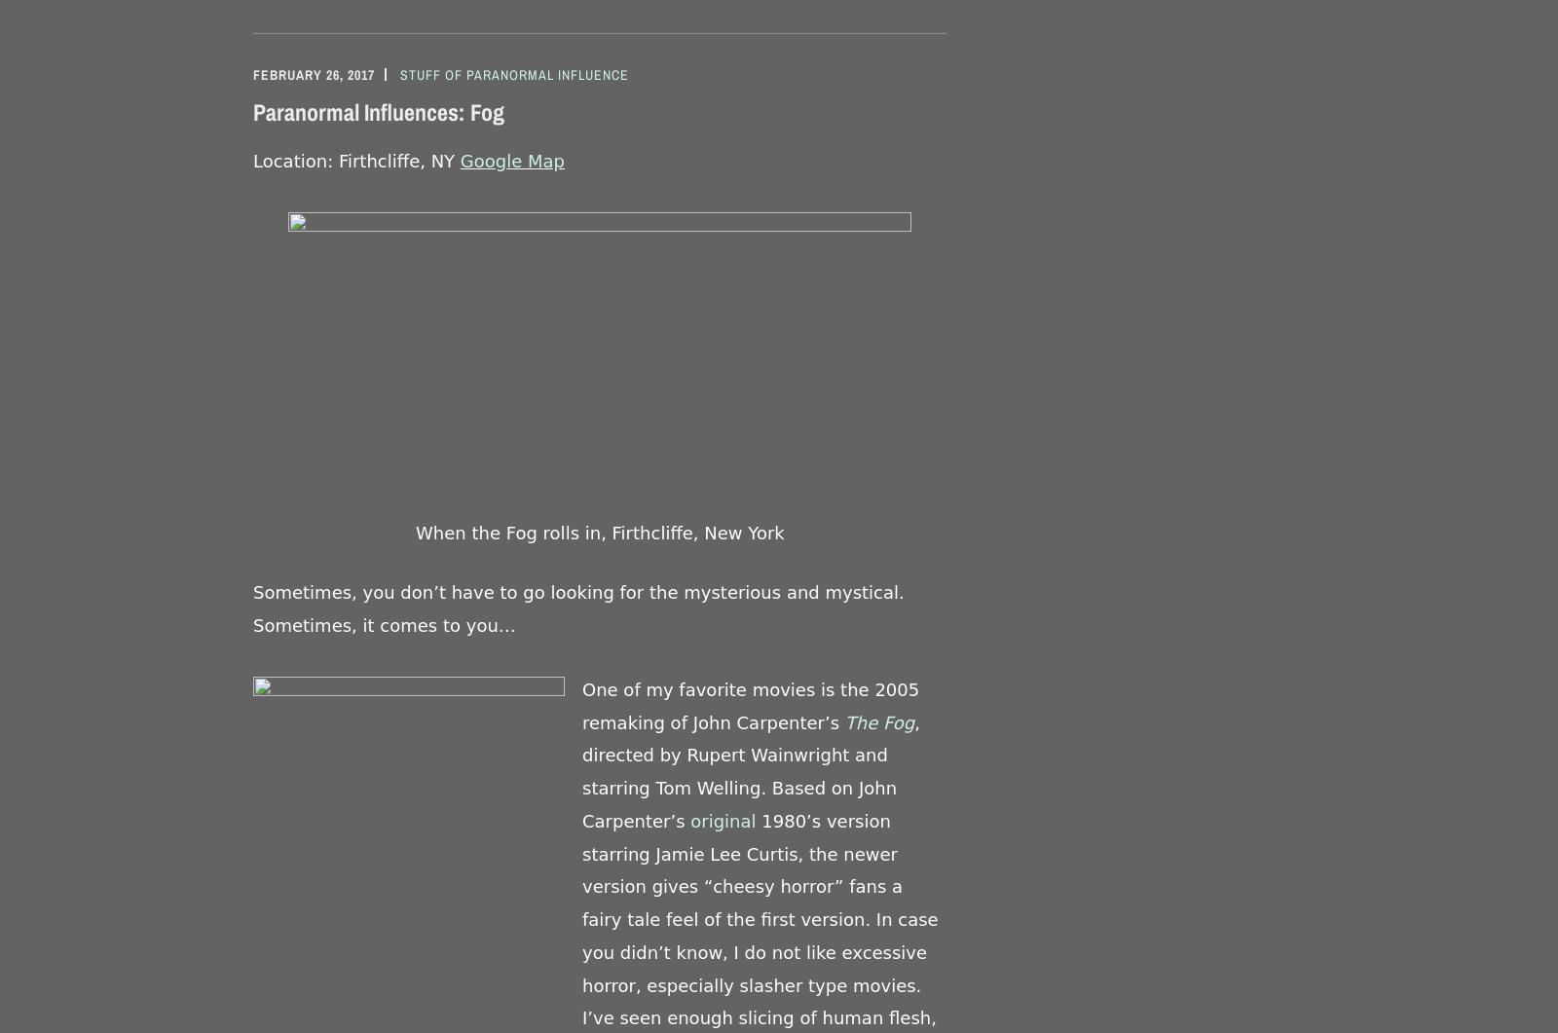 This screenshot has height=1033, width=1558. Describe the element at coordinates (878, 721) in the screenshot. I see `'The Fog'` at that location.